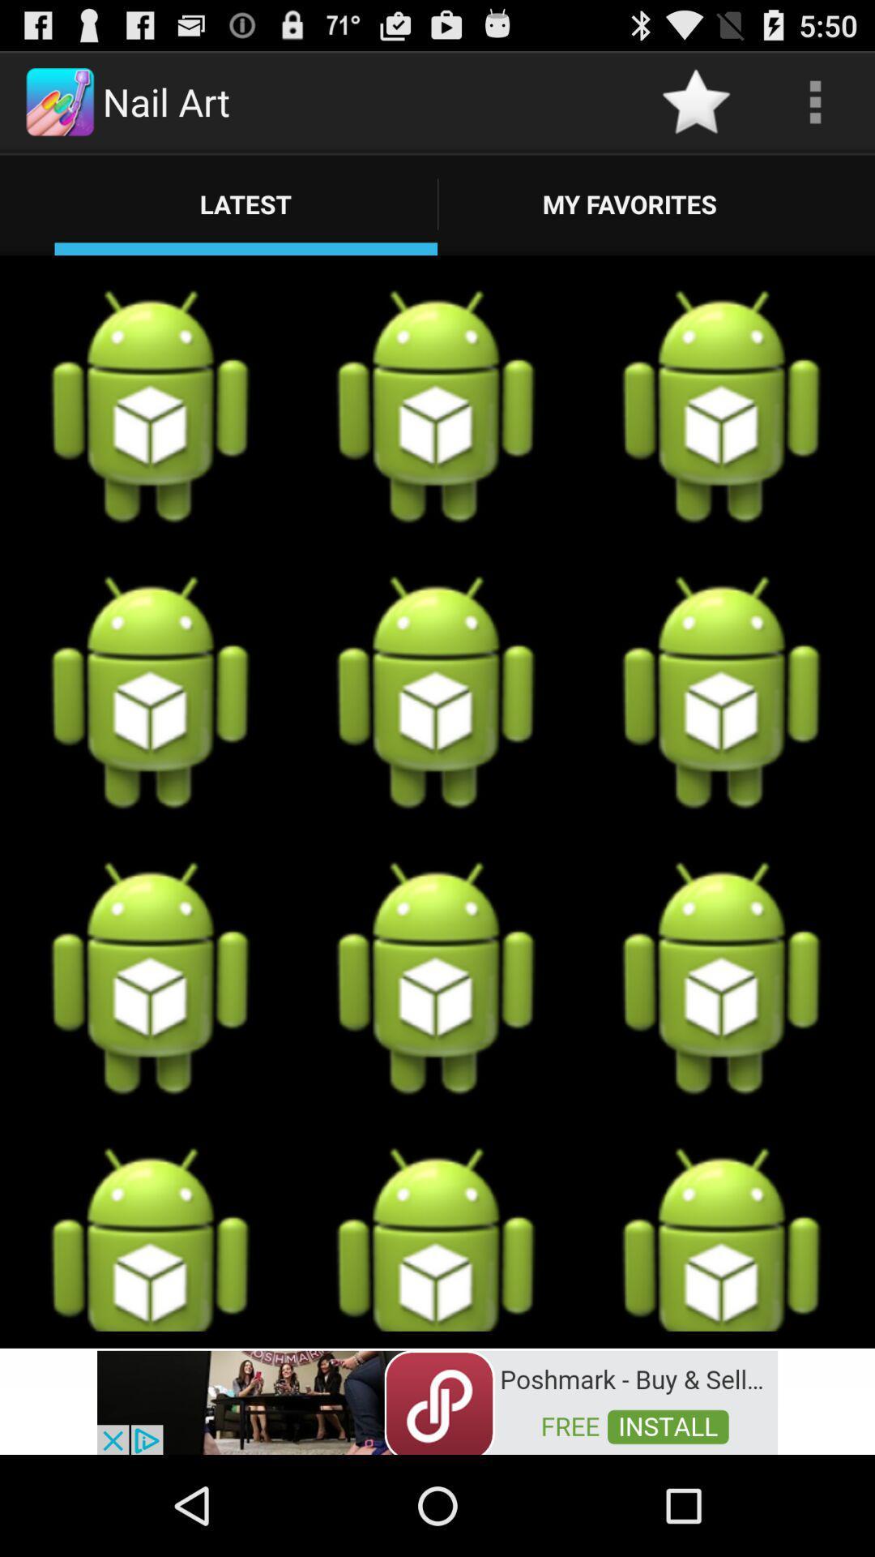  Describe the element at coordinates (436, 407) in the screenshot. I see `the second image from the below` at that location.